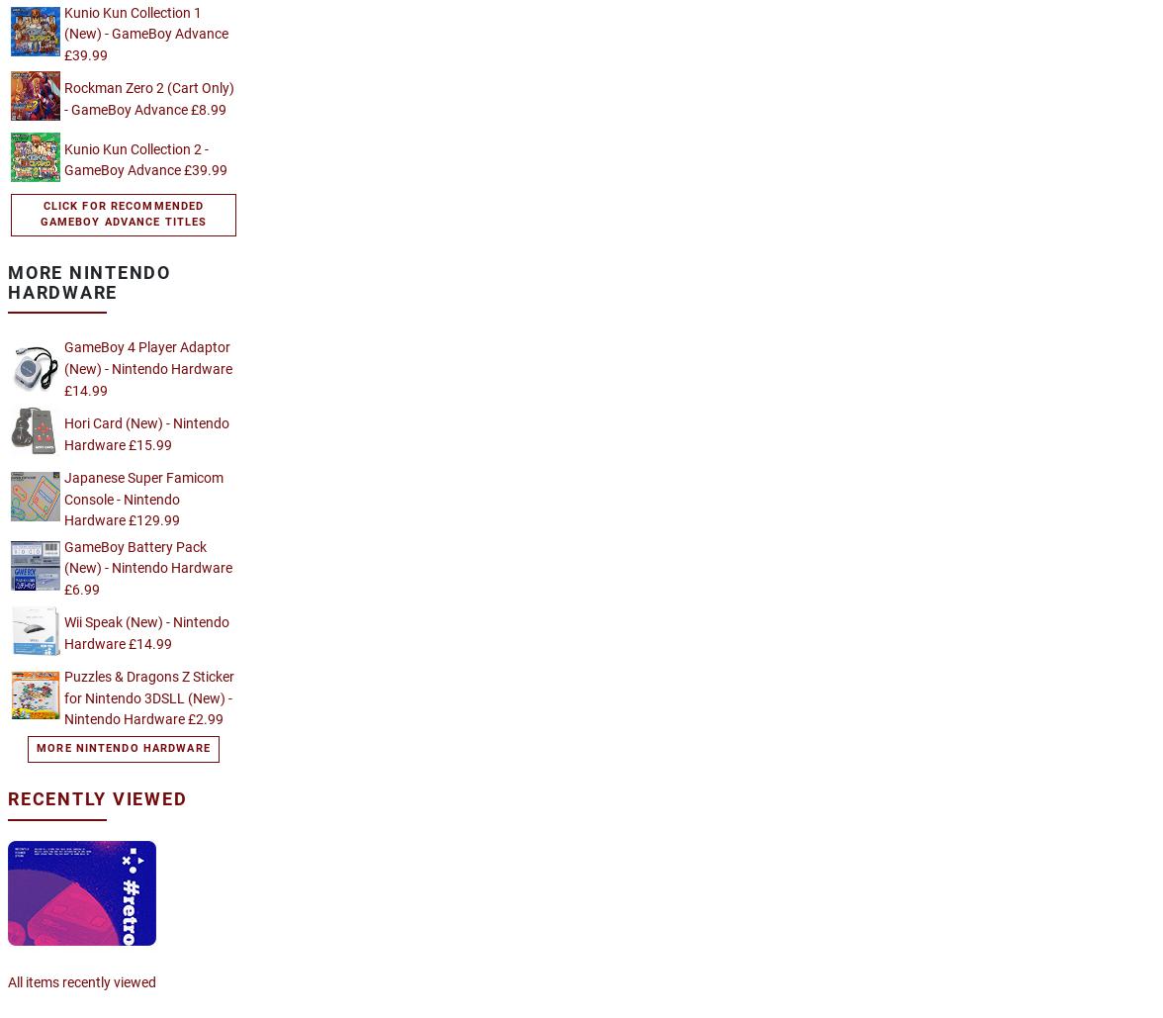 The image size is (1163, 1018). Describe the element at coordinates (145, 159) in the screenshot. I see `'Kunio Kun Collection 2 - GameBoy Advance £39.99'` at that location.